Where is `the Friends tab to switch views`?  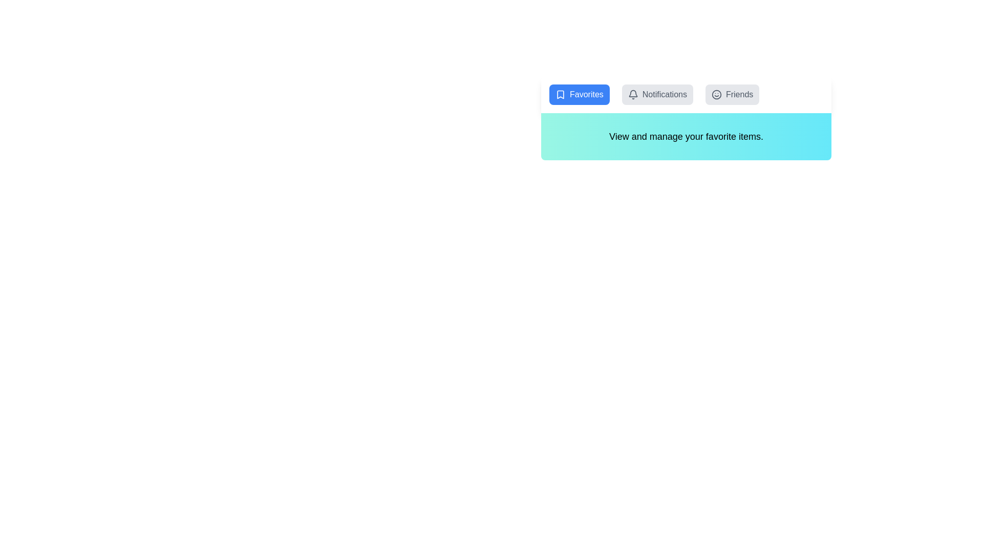 the Friends tab to switch views is located at coordinates (732, 95).